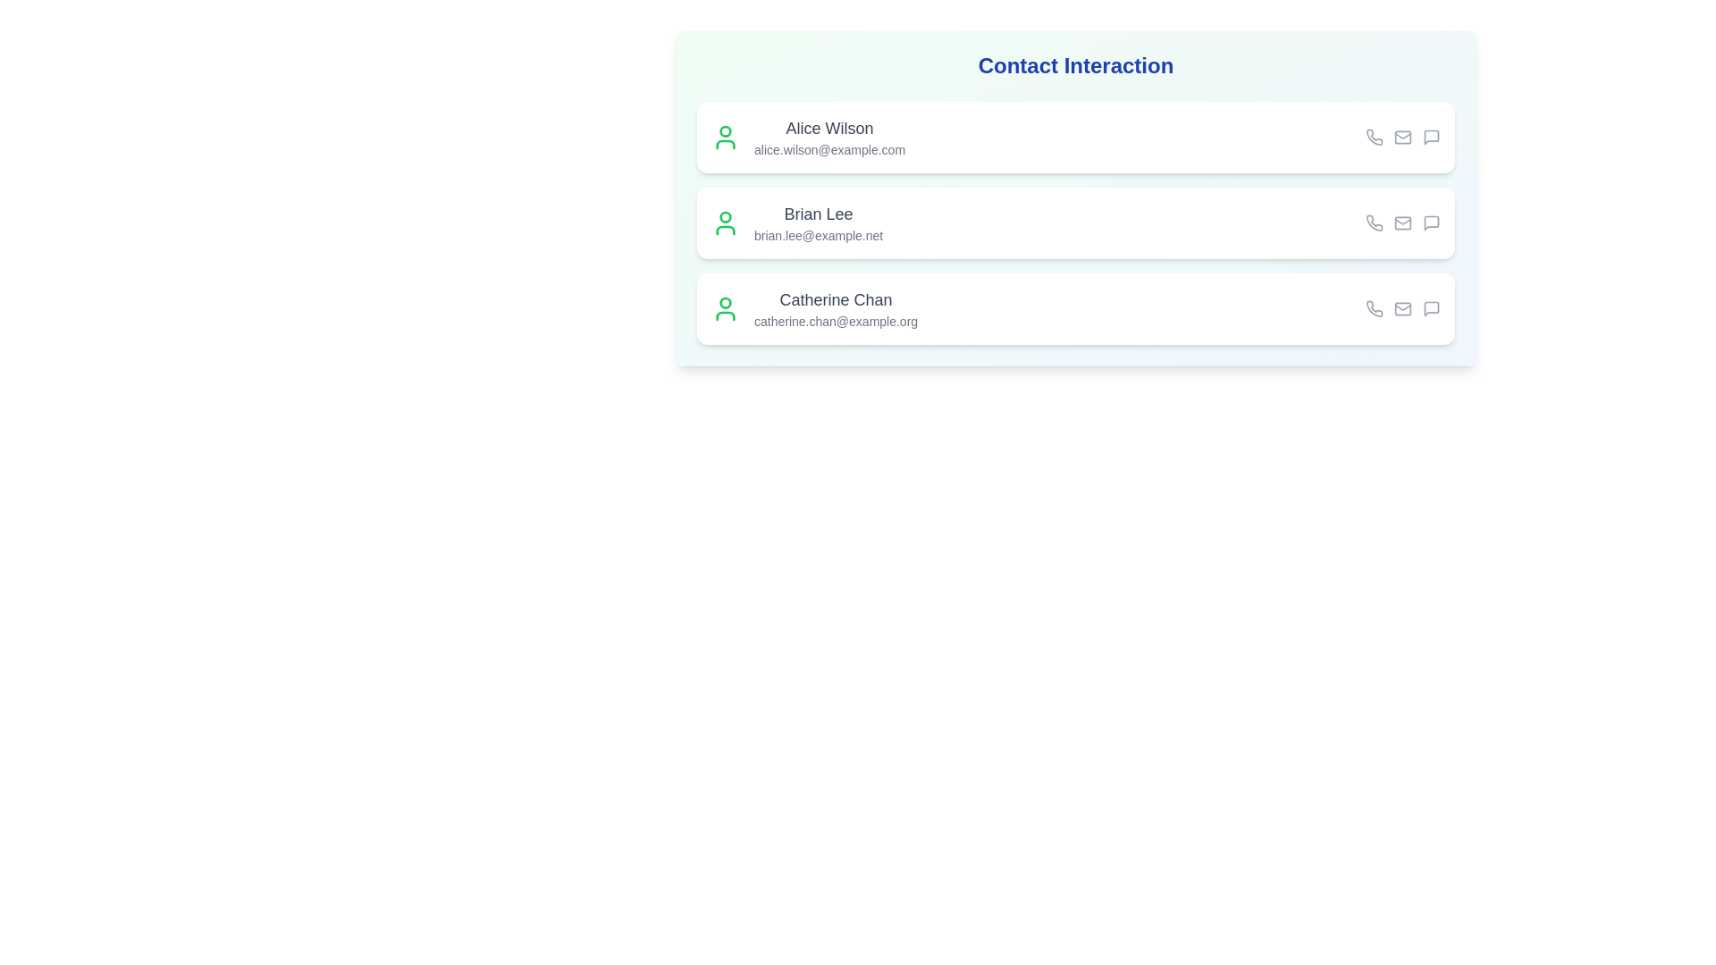  What do you see at coordinates (1401, 308) in the screenshot?
I see `mail icon for Catherine Chan to simulate composing an email` at bounding box center [1401, 308].